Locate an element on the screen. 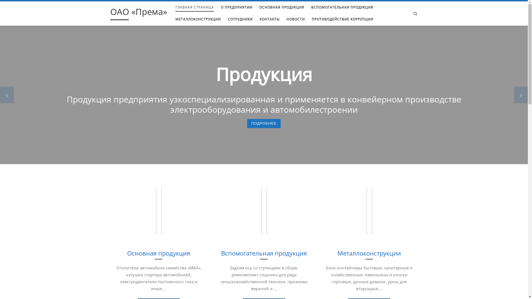  'Search' is located at coordinates (408, 13).